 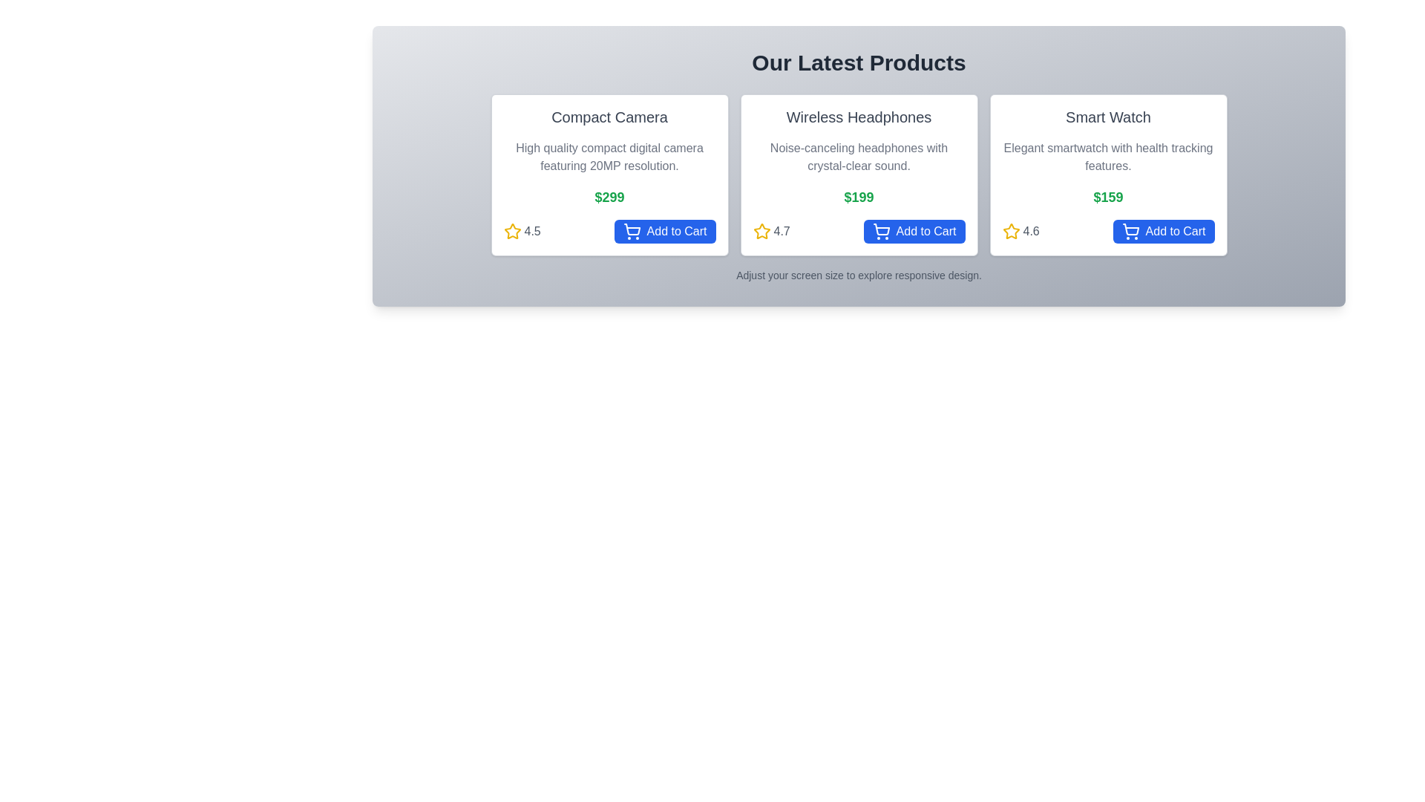 I want to click on the 'Add to Cart' button with a blue background and white text located below the product name 'Wireless Headphones' and price '$199', so click(x=914, y=232).